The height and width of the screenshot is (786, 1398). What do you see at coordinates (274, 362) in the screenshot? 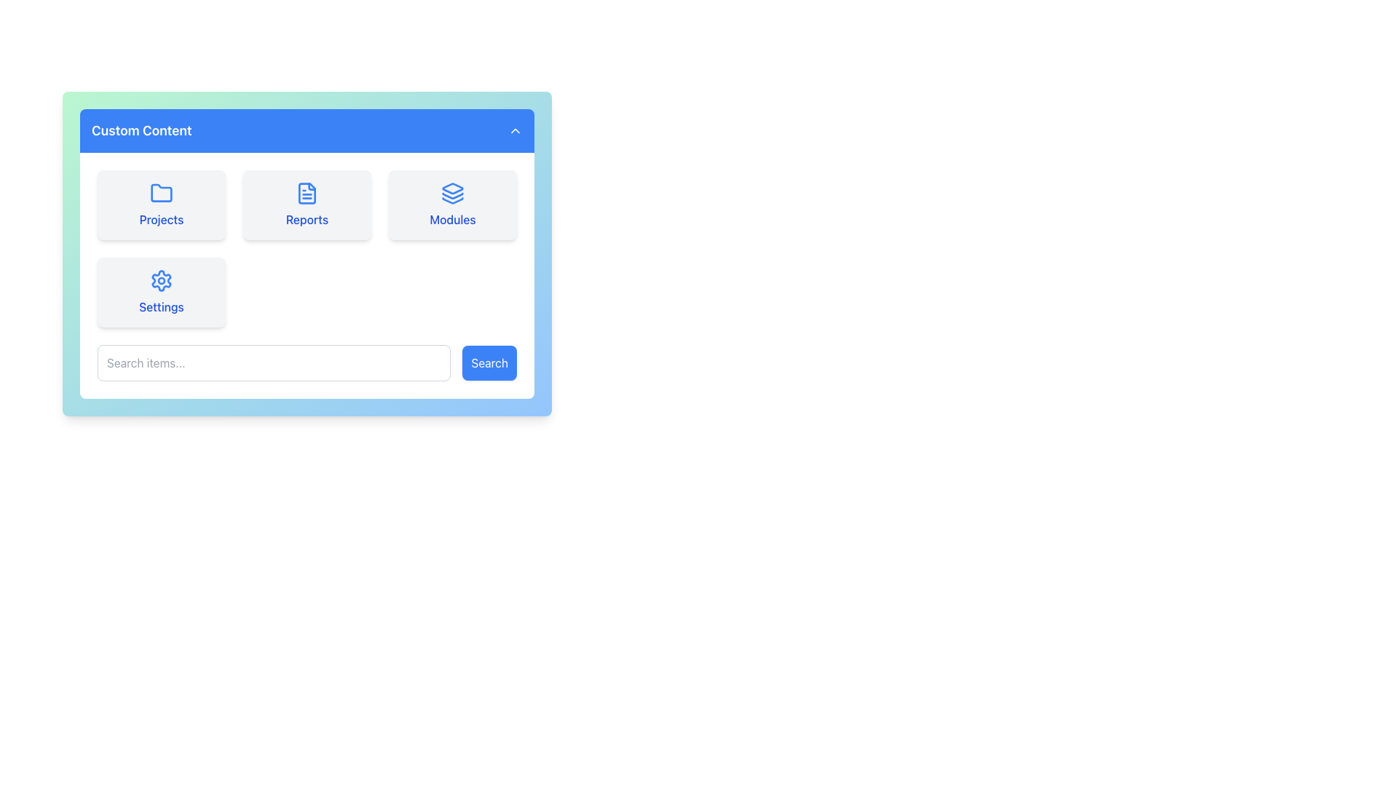
I see `the search input field, which is the leftmost element in the row alongside a blue 'Search' button` at bounding box center [274, 362].